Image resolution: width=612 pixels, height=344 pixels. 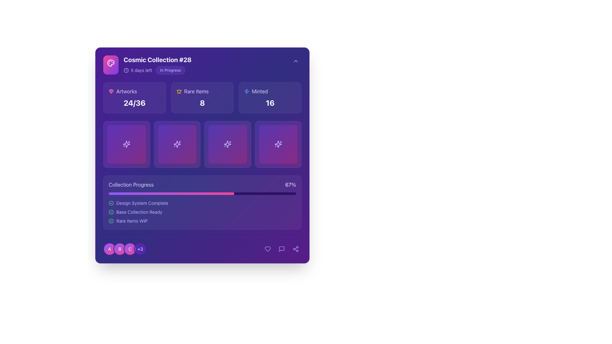 What do you see at coordinates (295, 248) in the screenshot?
I see `the sharing icon located in the bottom-right corner of the interface, which is styled as a light violet button and is the rightmost item in a row of icons` at bounding box center [295, 248].